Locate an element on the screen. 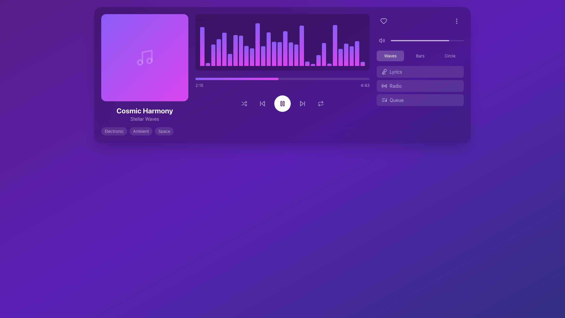  the progress bar is located at coordinates (284, 78).